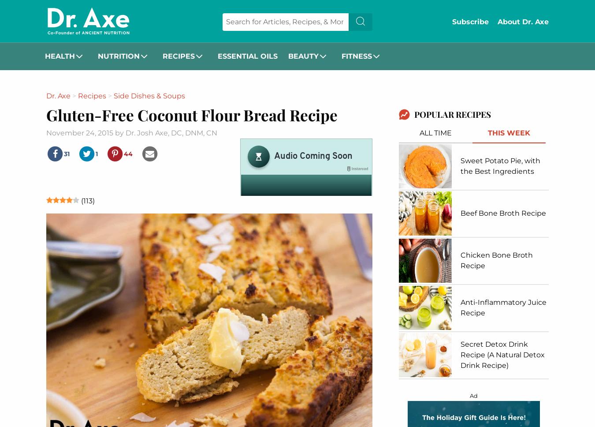  What do you see at coordinates (118, 56) in the screenshot?
I see `'Nutrition'` at bounding box center [118, 56].